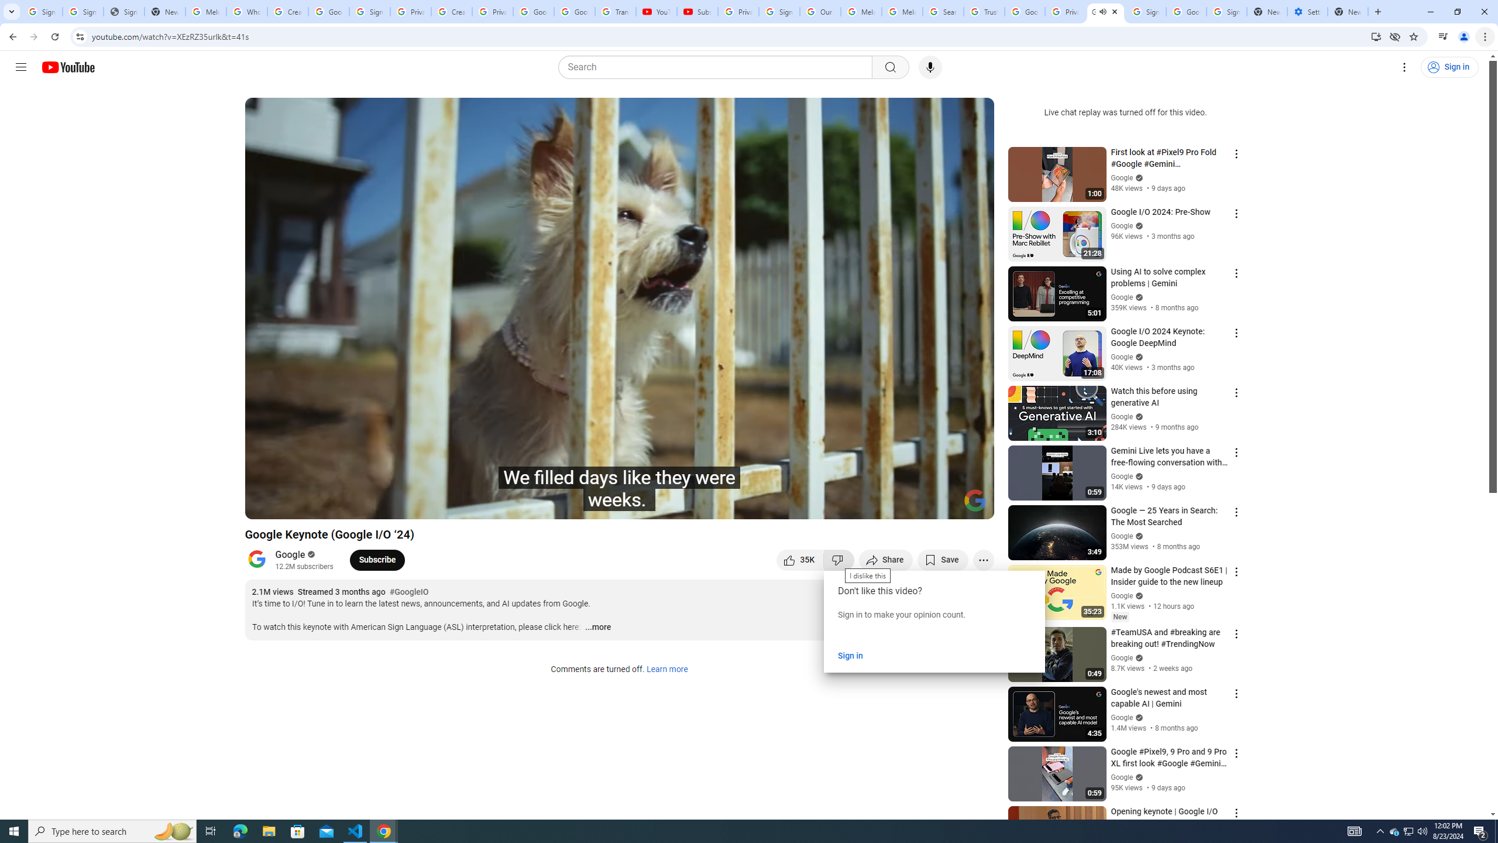 This screenshot has width=1498, height=843. I want to click on 'Pause (k)', so click(264, 505).